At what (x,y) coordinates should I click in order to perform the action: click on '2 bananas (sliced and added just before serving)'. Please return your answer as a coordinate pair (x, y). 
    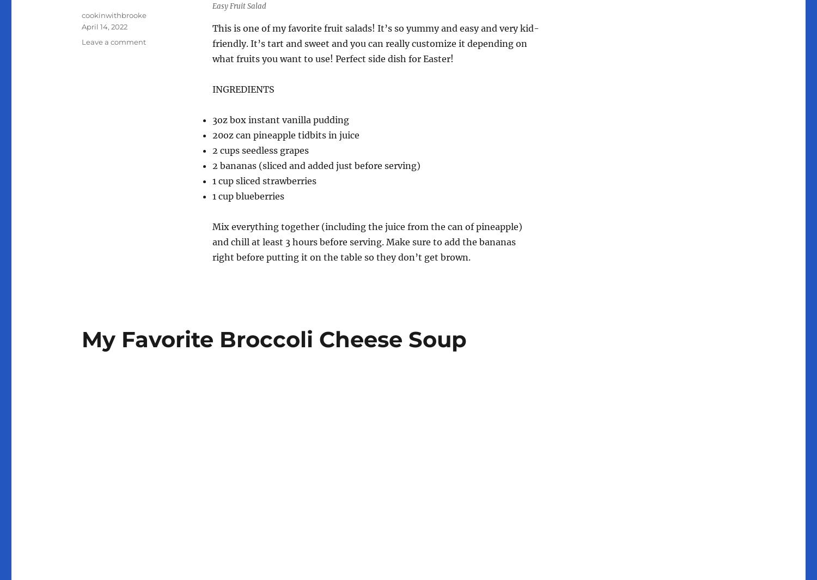
    Looking at the image, I should click on (315, 165).